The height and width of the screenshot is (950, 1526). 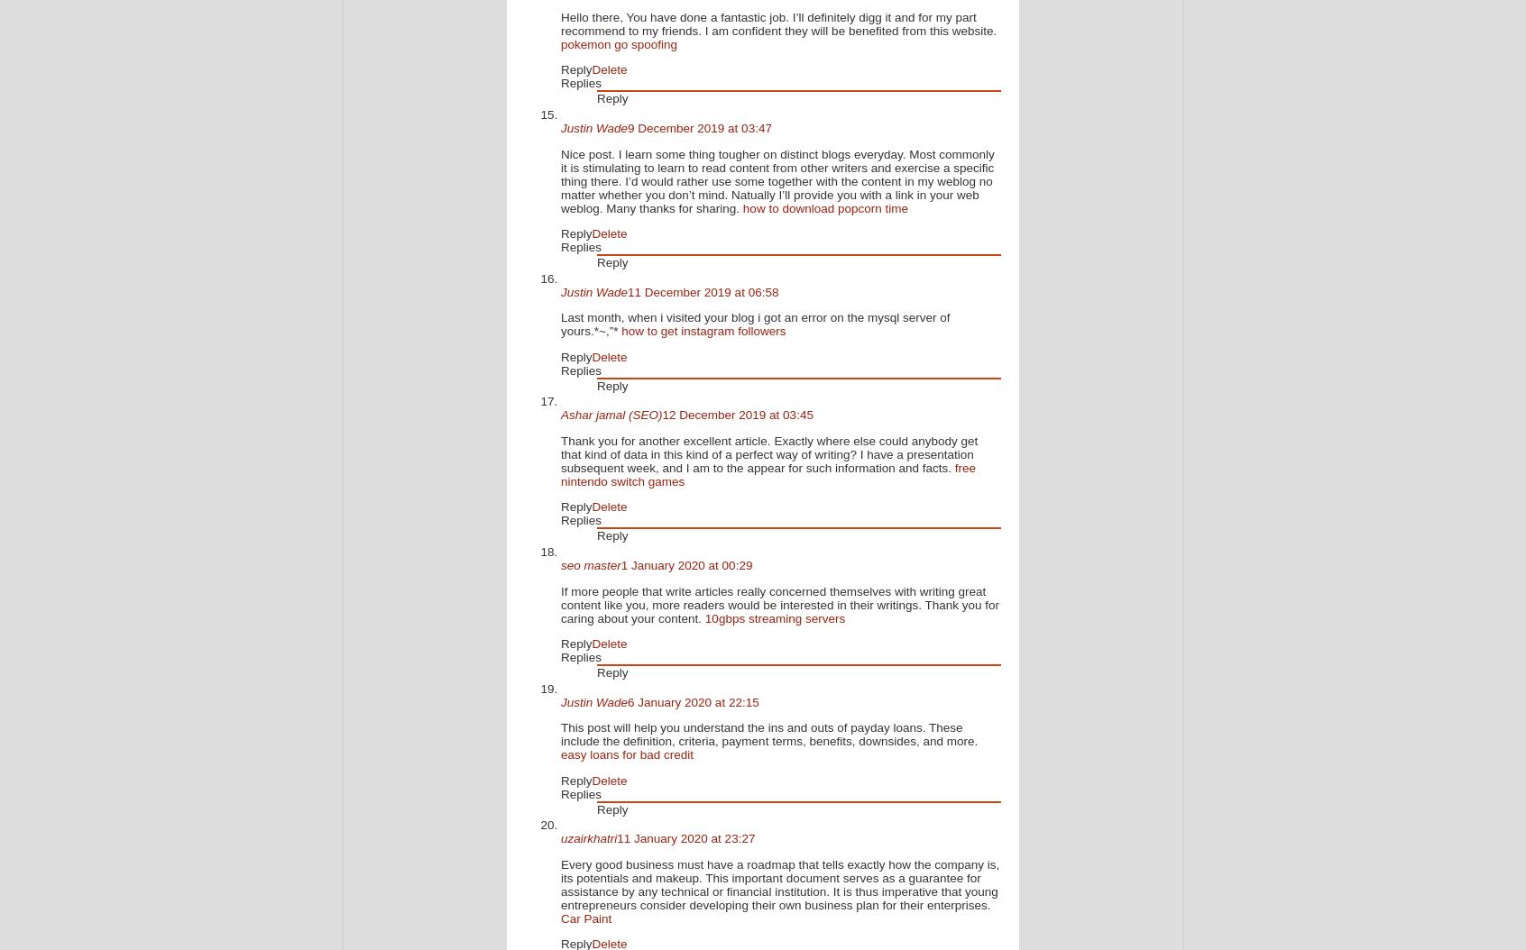 What do you see at coordinates (619, 43) in the screenshot?
I see `'pokemon go spoofing'` at bounding box center [619, 43].